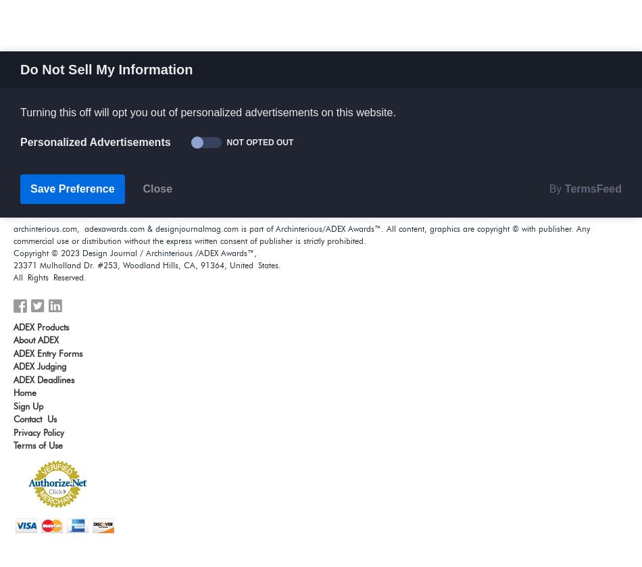 This screenshot has height=567, width=642. I want to click on 'Turning this off will opt you out of personalized advertisements on this website.', so click(207, 112).